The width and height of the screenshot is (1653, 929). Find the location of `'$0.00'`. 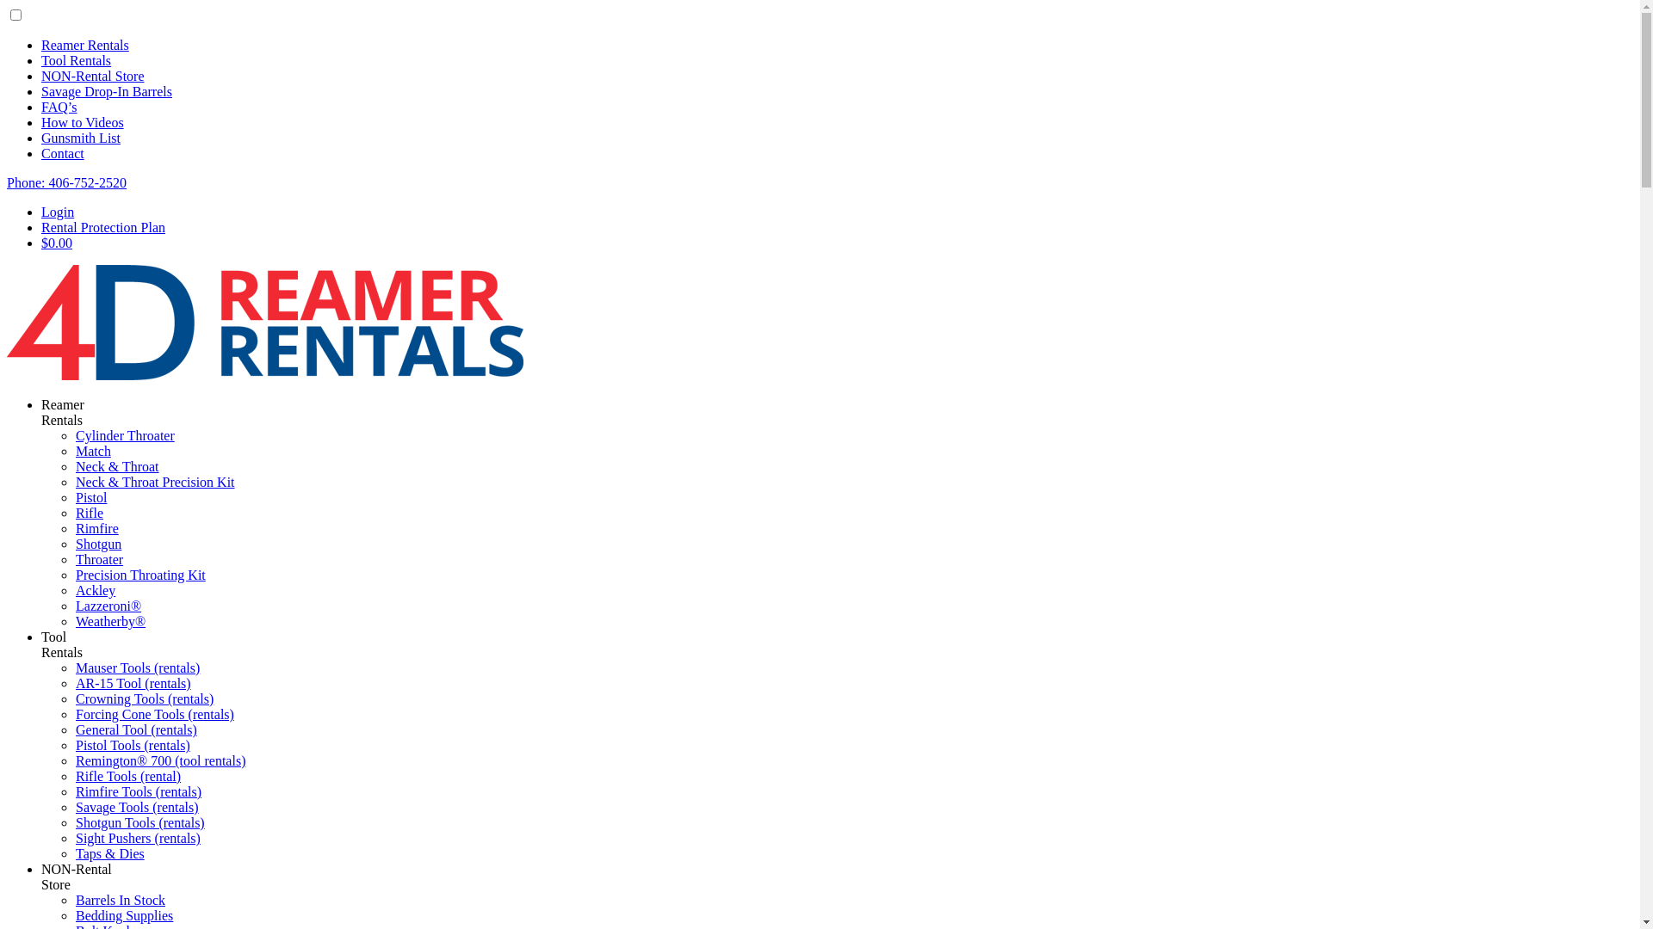

'$0.00' is located at coordinates (57, 243).